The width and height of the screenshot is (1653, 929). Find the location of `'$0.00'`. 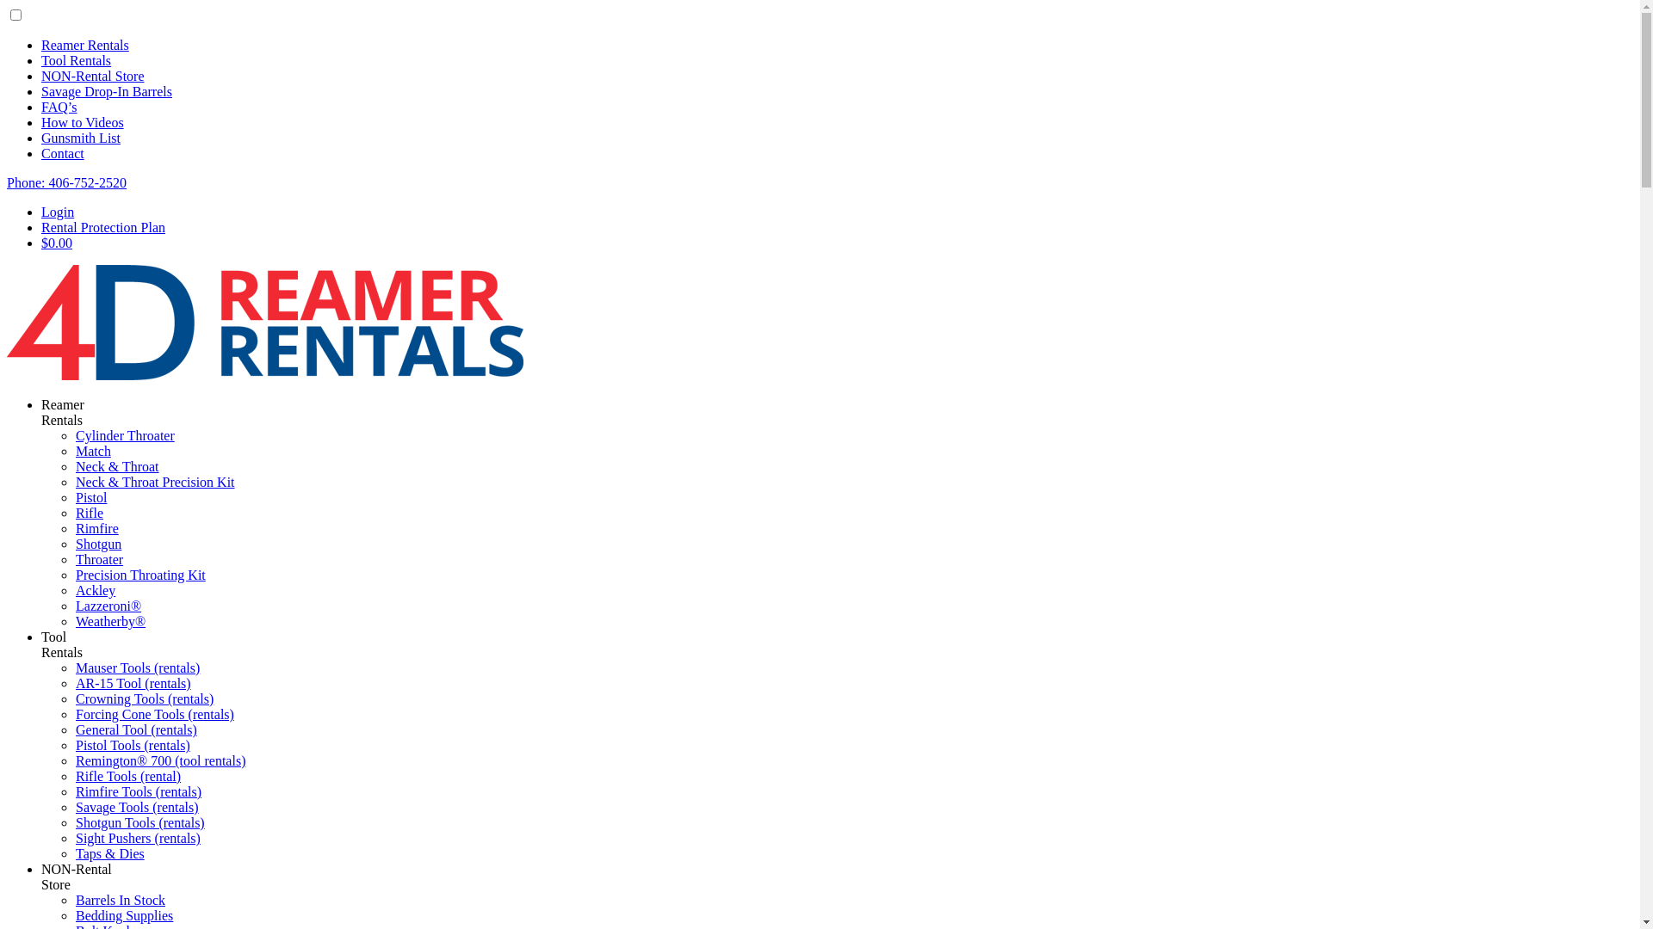

'$0.00' is located at coordinates (57, 243).